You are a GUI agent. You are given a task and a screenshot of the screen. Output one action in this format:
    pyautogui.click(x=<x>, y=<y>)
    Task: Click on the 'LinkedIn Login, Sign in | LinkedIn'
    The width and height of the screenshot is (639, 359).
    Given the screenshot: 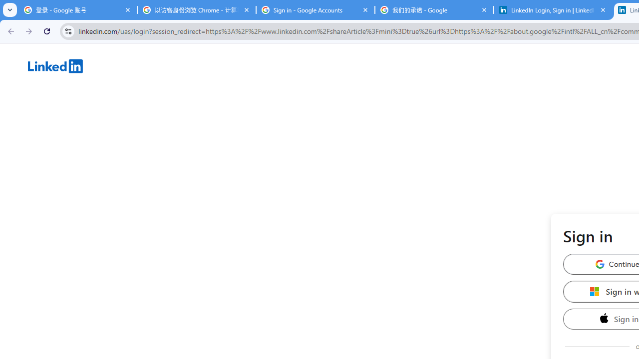 What is the action you would take?
    pyautogui.click(x=553, y=10)
    